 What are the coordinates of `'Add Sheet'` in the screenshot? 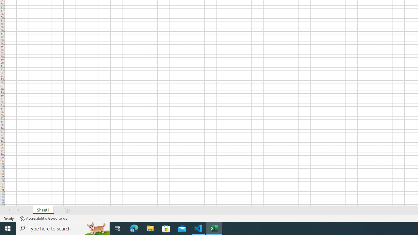 It's located at (68, 210).